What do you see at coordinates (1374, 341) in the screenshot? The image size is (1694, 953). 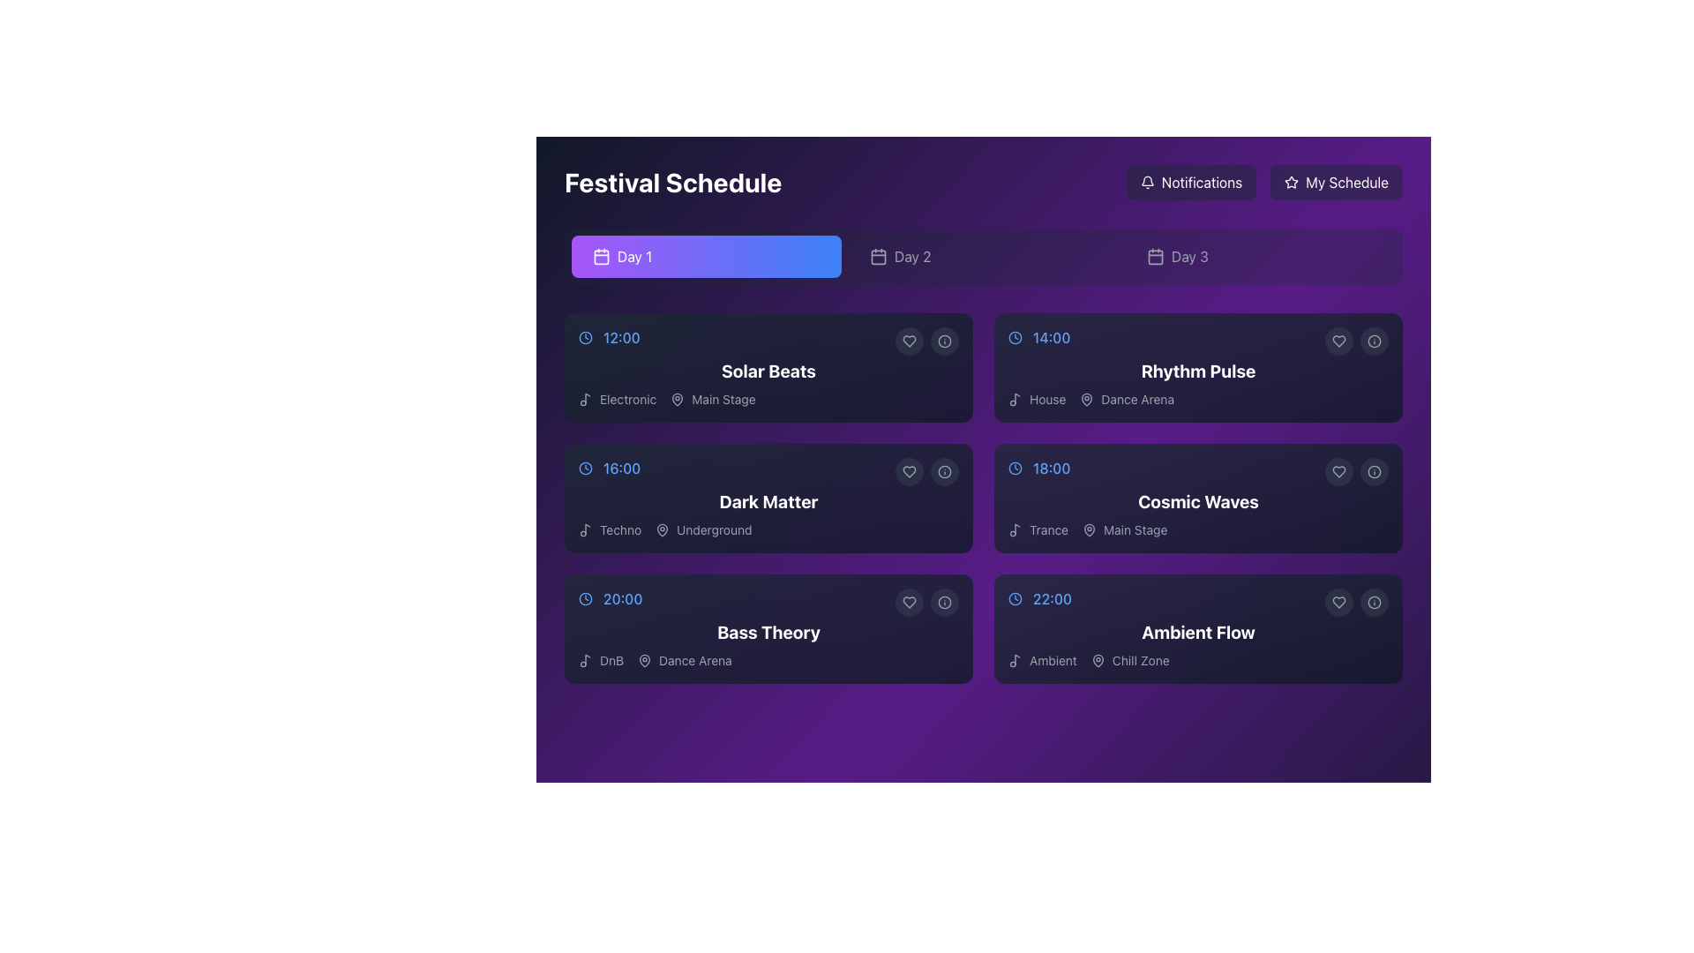 I see `the central circular icon with a hollow design and a solid red core located at the top-right corner of the 'Rhythm Pulse' schedule box` at bounding box center [1374, 341].